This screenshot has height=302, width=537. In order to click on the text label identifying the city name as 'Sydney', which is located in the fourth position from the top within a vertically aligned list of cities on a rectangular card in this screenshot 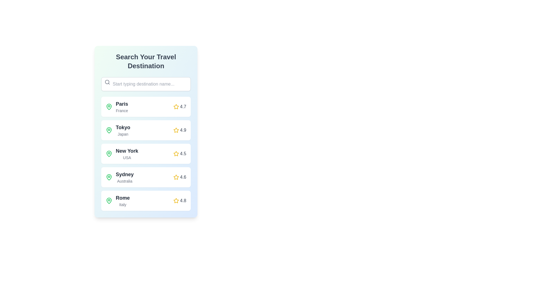, I will do `click(124, 174)`.